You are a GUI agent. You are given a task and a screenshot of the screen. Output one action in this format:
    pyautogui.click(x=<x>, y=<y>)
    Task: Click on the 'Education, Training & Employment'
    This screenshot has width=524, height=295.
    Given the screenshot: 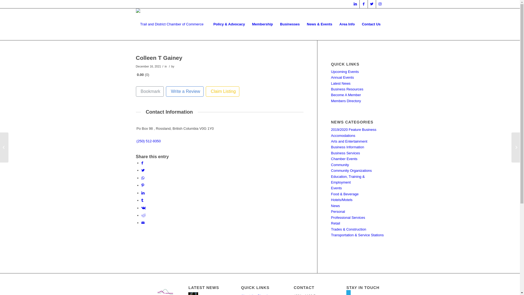 What is the action you would take?
    pyautogui.click(x=348, y=179)
    